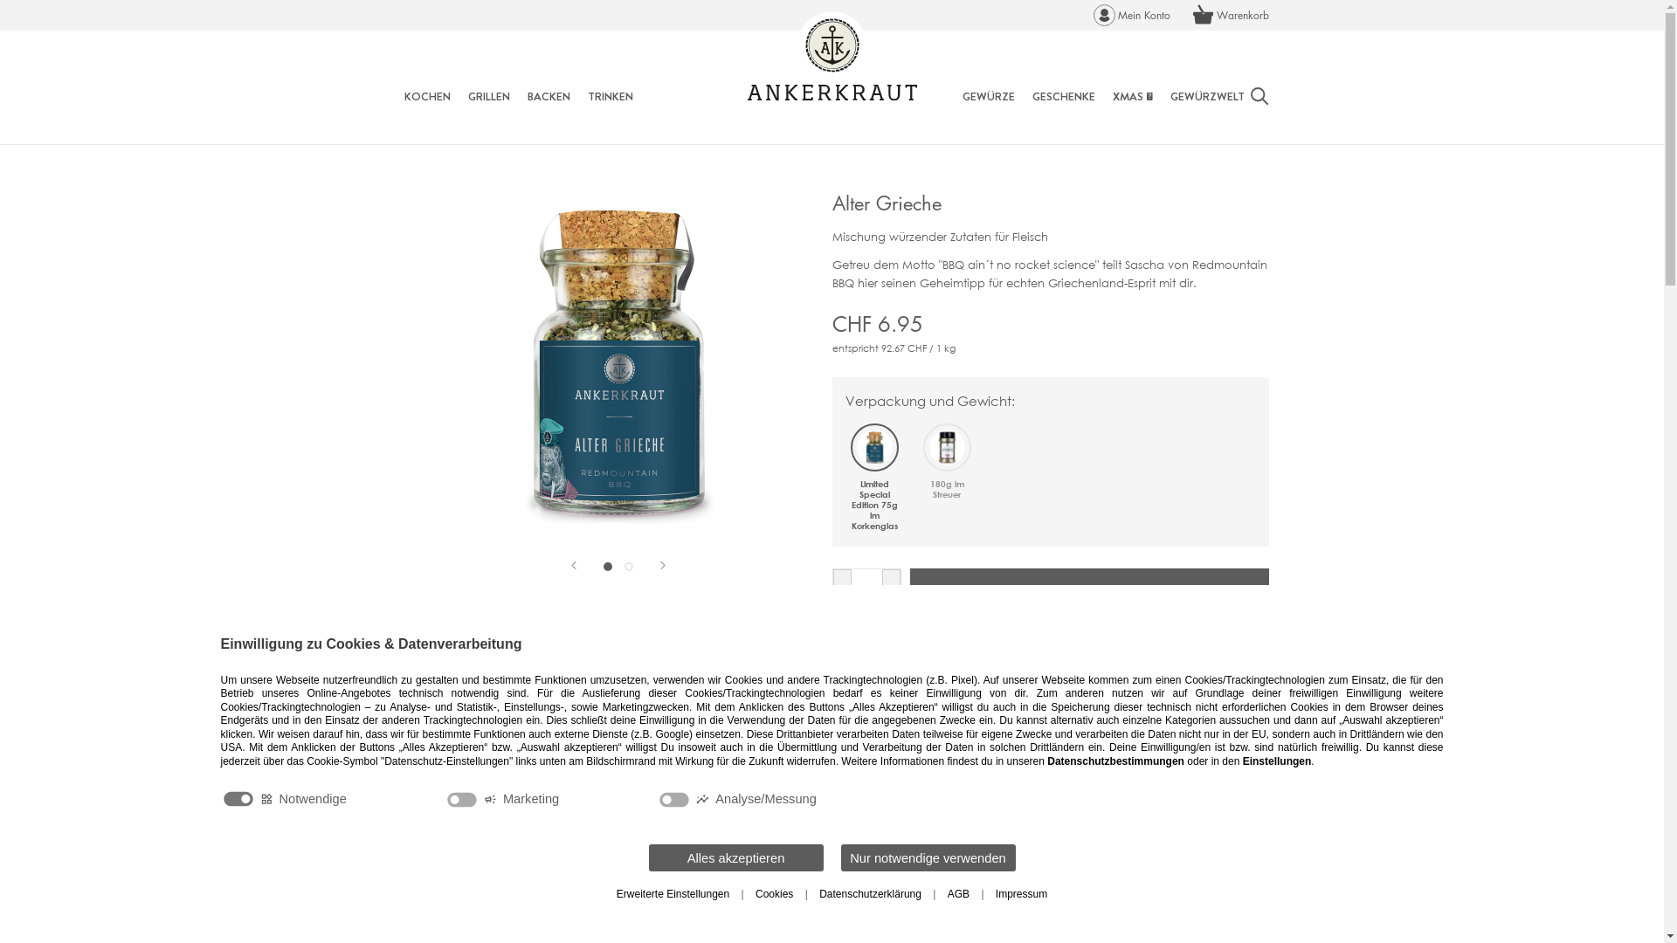  I want to click on 'AGB', so click(938, 893).